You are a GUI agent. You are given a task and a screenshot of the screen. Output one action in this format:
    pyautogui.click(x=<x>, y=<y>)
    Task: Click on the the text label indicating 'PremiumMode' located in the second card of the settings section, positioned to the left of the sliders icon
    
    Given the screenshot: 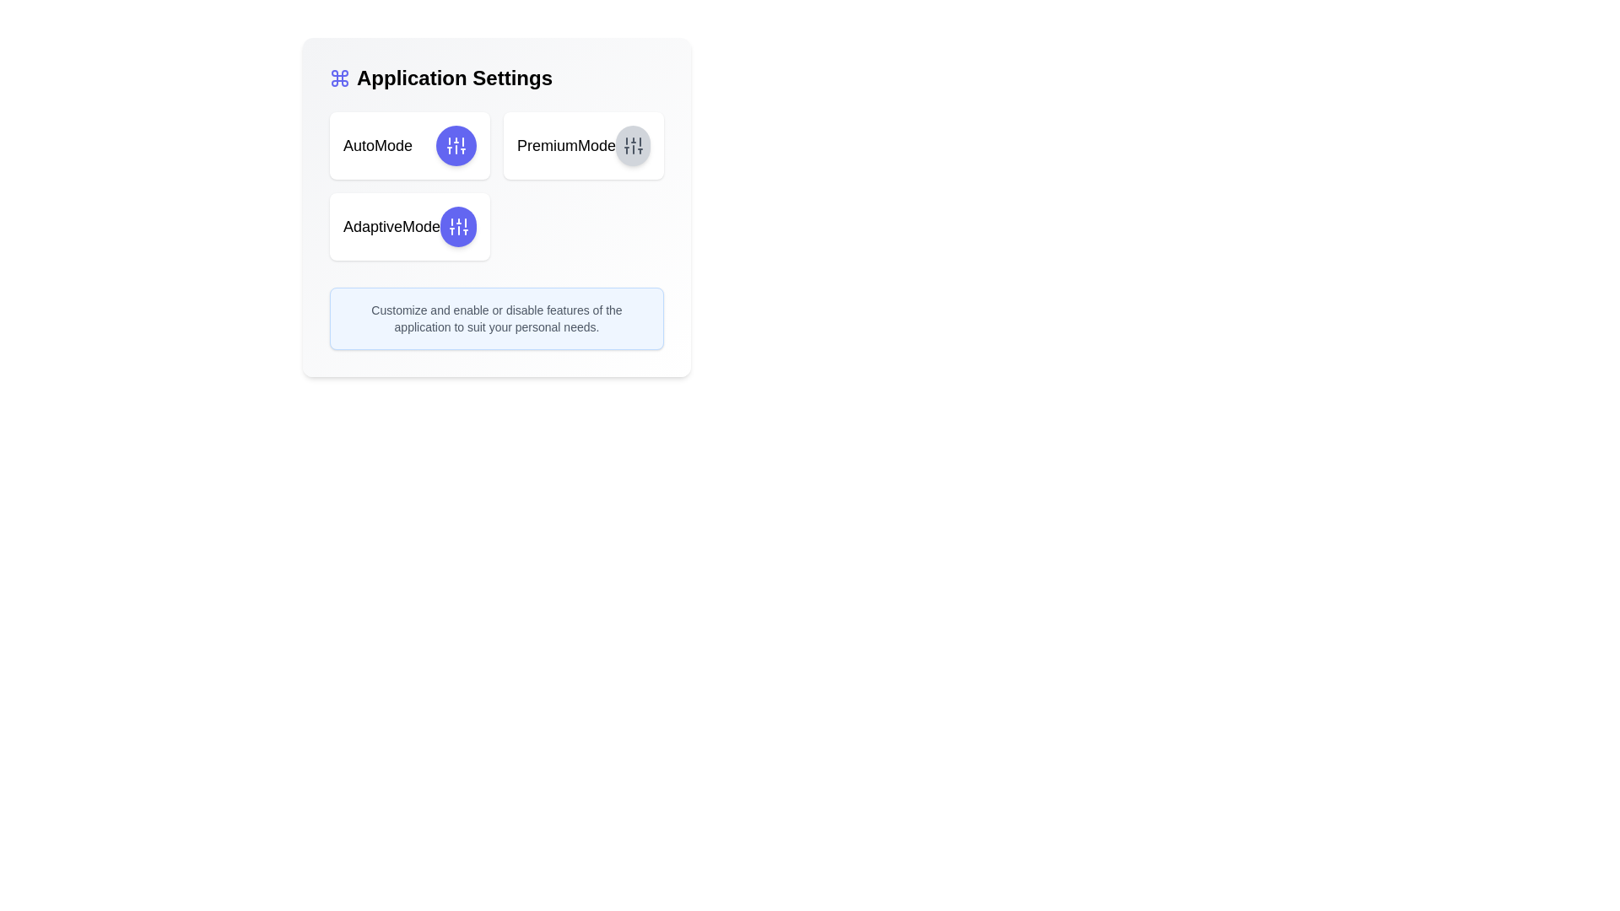 What is the action you would take?
    pyautogui.click(x=566, y=145)
    